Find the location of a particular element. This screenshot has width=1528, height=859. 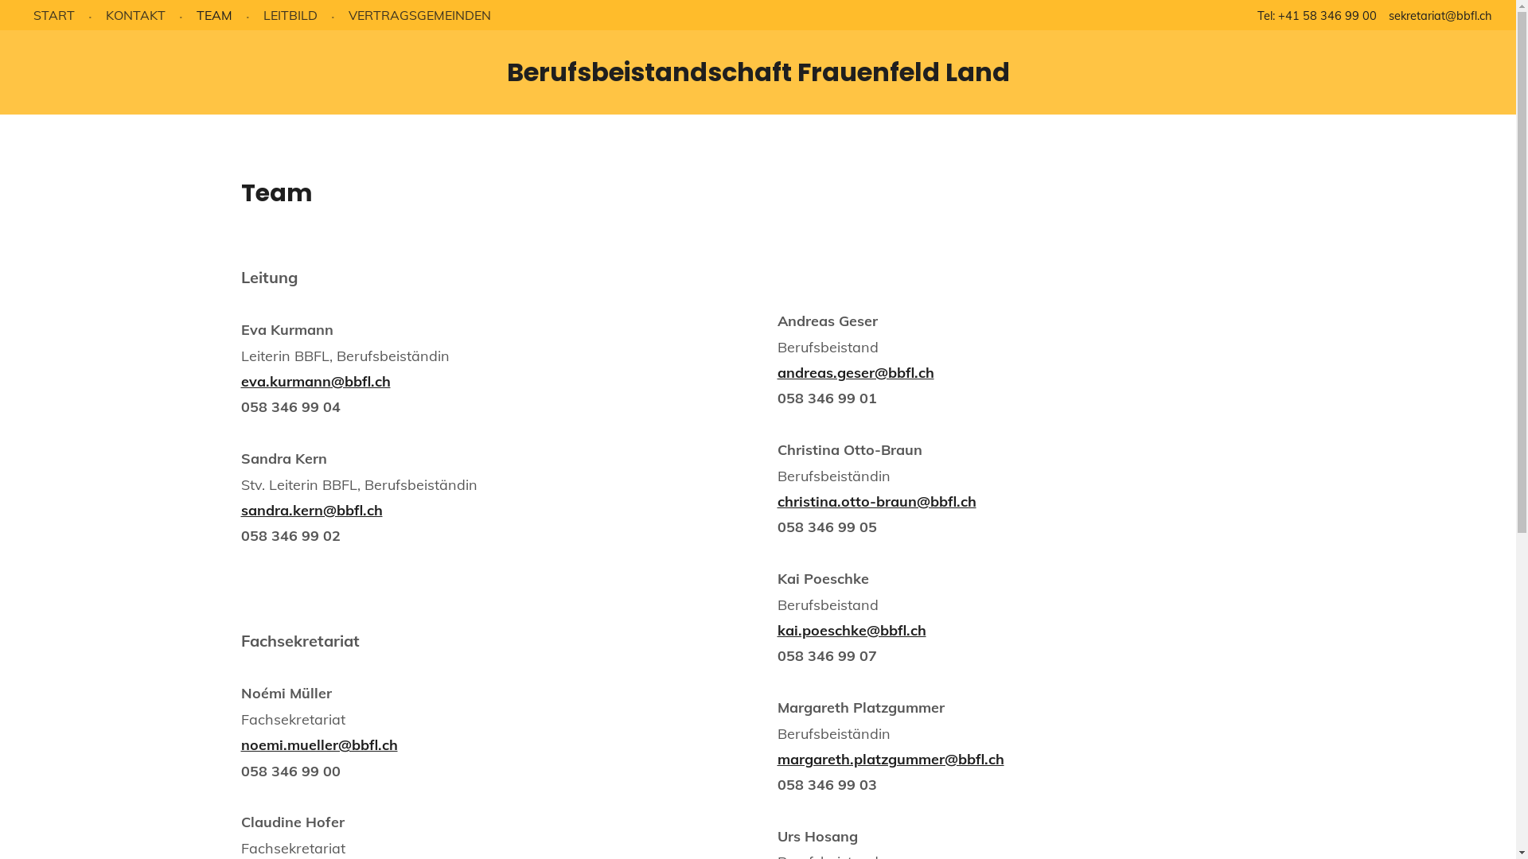

'KONTAKT' is located at coordinates (135, 15).